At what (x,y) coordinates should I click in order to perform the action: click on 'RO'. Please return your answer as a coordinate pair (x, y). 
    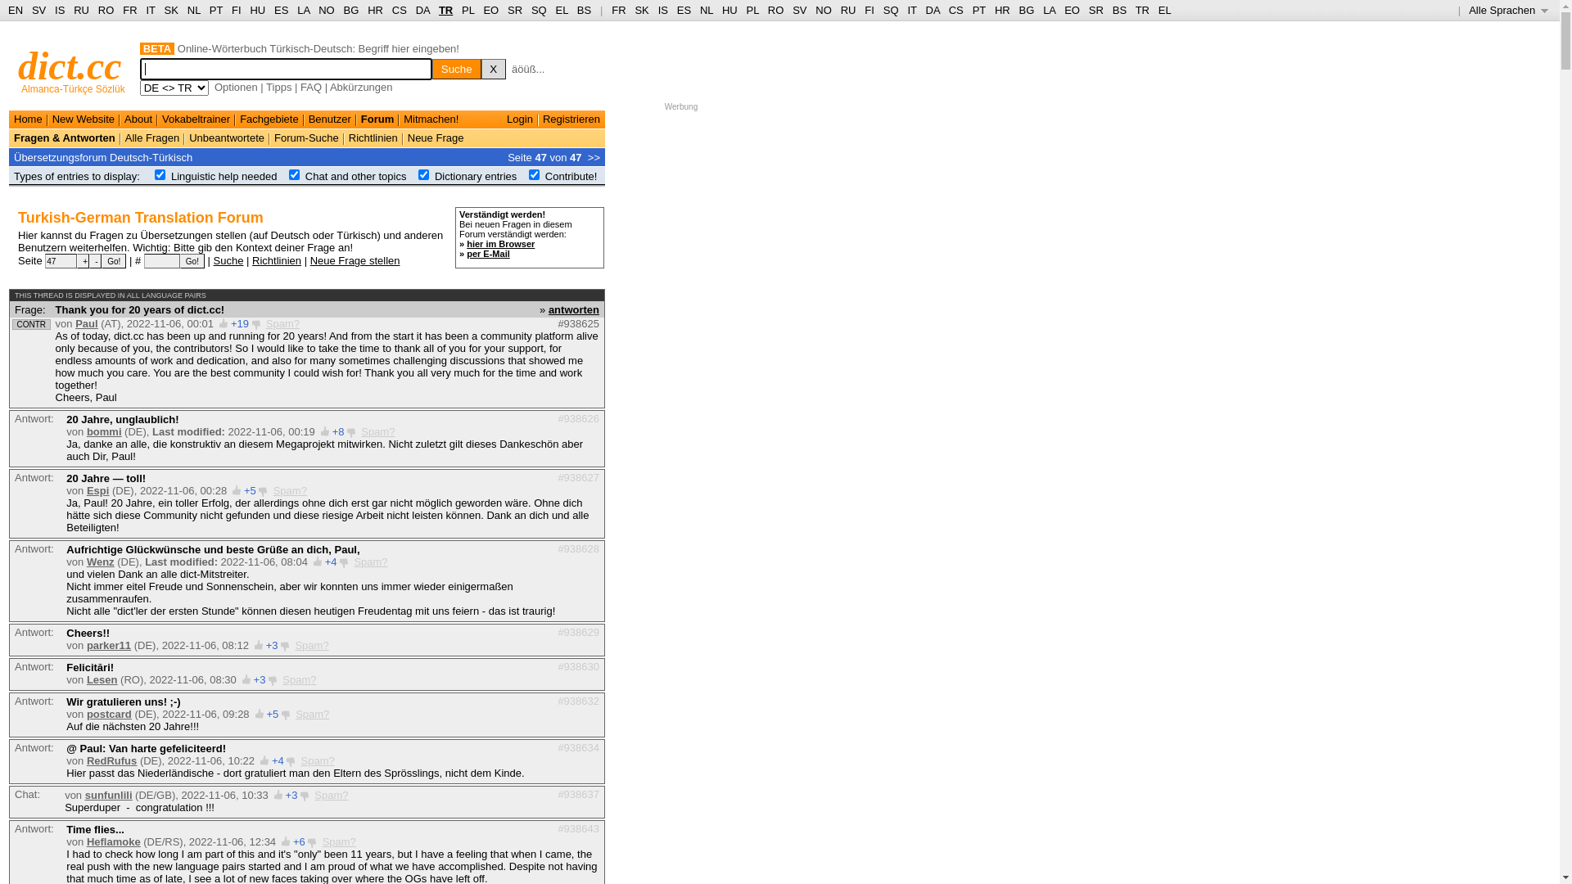
    Looking at the image, I should click on (105, 10).